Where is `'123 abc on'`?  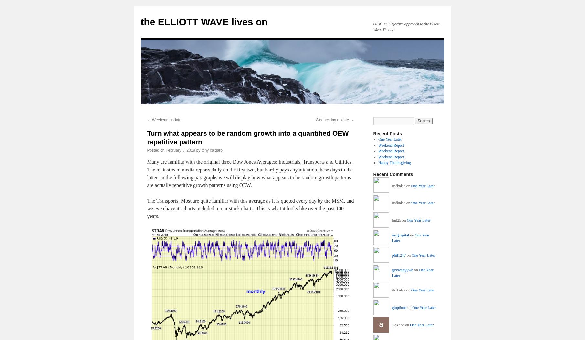 '123 abc on' is located at coordinates (401, 325).